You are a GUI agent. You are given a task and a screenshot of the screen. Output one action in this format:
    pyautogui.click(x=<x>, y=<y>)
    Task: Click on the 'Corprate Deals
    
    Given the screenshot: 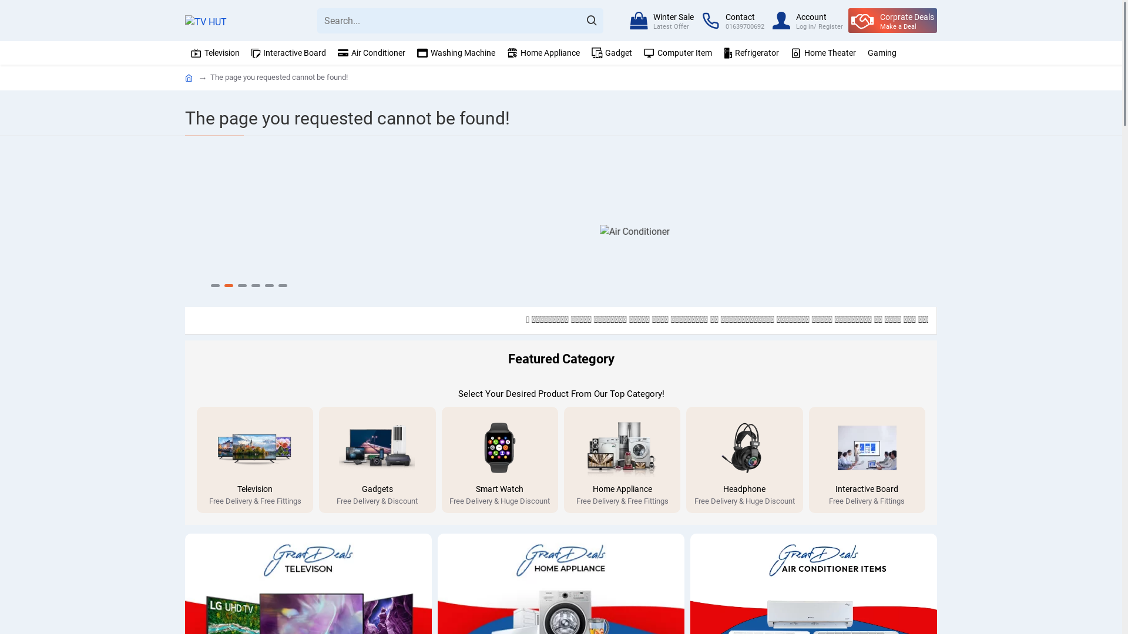 What is the action you would take?
    pyautogui.click(x=892, y=20)
    